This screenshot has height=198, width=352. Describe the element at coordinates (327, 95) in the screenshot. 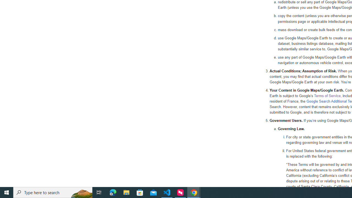

I see `'Terms of Service'` at that location.